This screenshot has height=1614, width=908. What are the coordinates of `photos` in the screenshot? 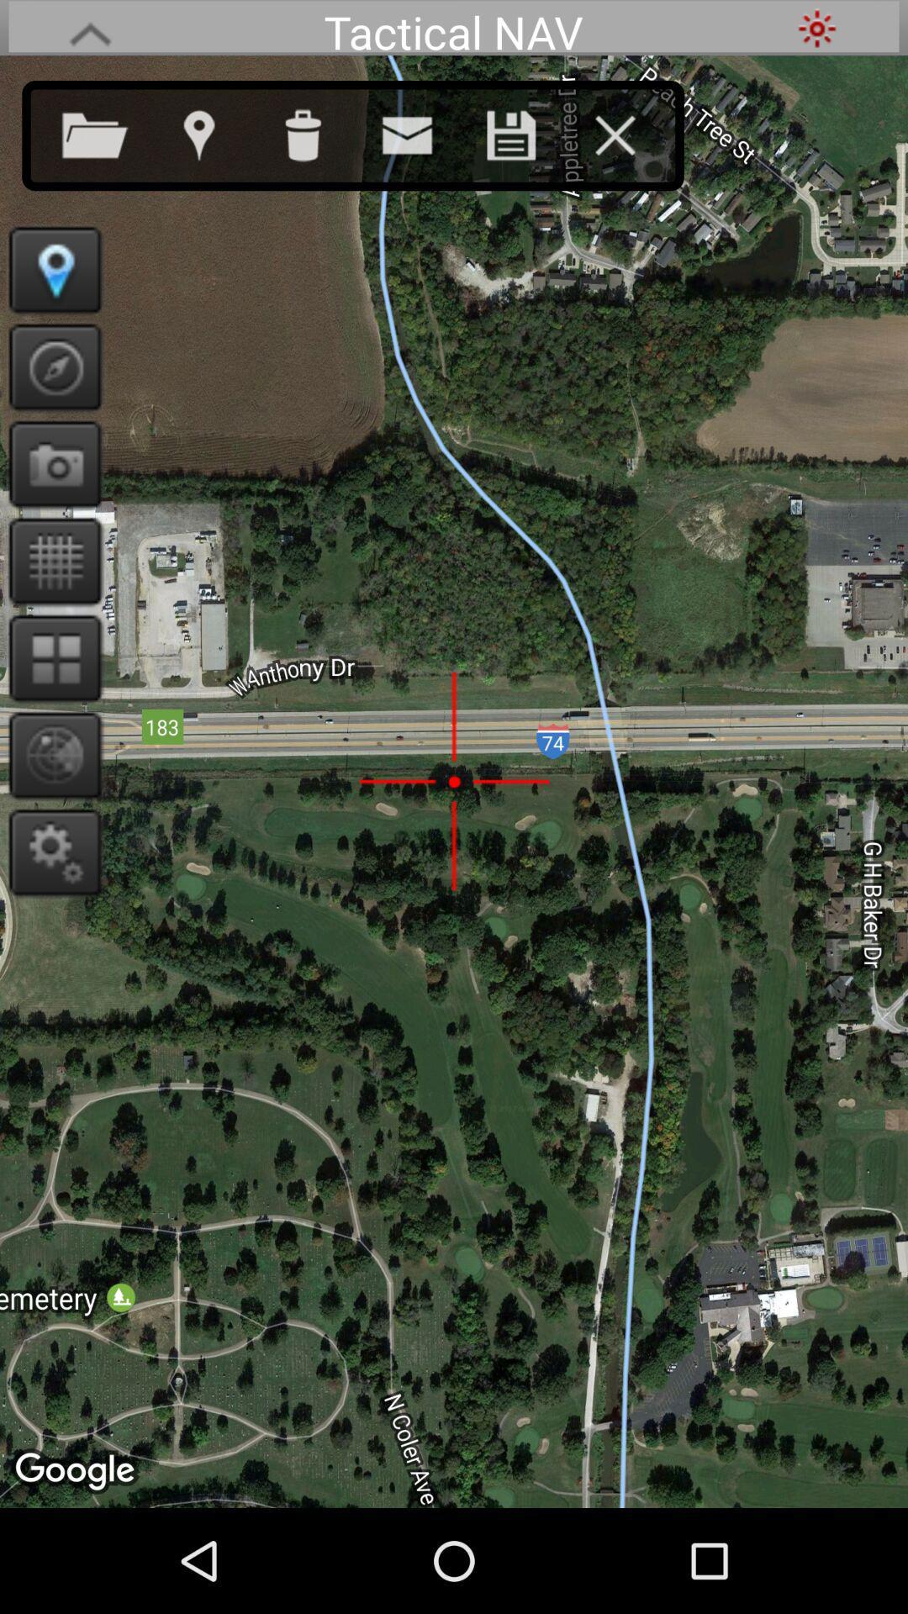 It's located at (49, 464).